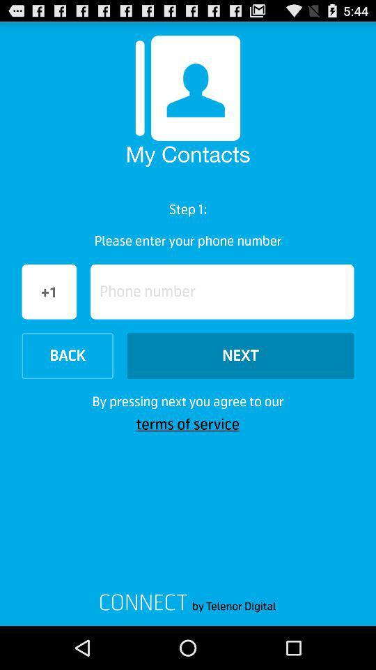  Describe the element at coordinates (222, 291) in the screenshot. I see `your phone number` at that location.